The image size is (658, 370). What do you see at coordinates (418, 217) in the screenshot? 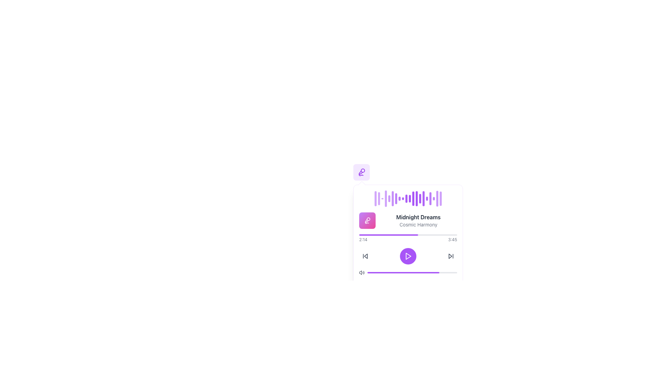
I see `text content of the title label within the card interface, which is positioned directly above the sibling element containing 'Cosmic Harmony'` at bounding box center [418, 217].